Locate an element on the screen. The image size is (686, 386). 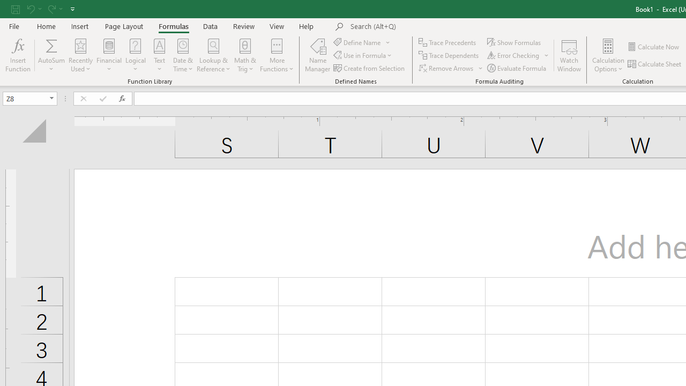
'Recently Used' is located at coordinates (80, 55).